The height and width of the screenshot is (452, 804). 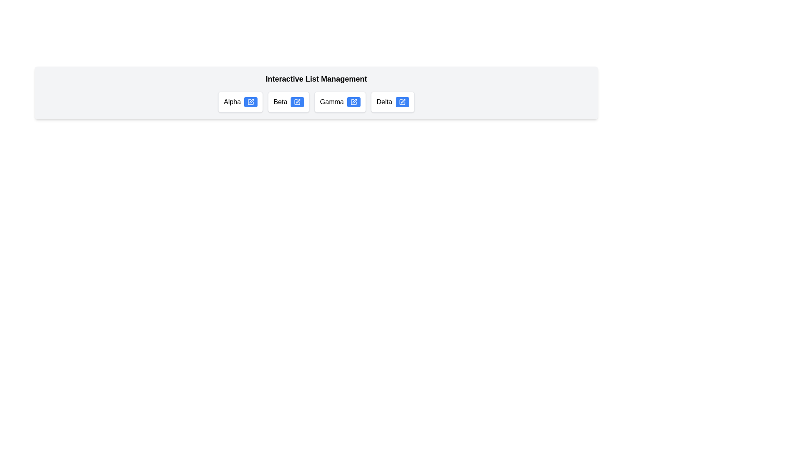 What do you see at coordinates (316, 79) in the screenshot?
I see `title text element located above the row of labeled buttons ('Alpha', 'Beta', 'Gamma', 'Delta') in the structured layout` at bounding box center [316, 79].